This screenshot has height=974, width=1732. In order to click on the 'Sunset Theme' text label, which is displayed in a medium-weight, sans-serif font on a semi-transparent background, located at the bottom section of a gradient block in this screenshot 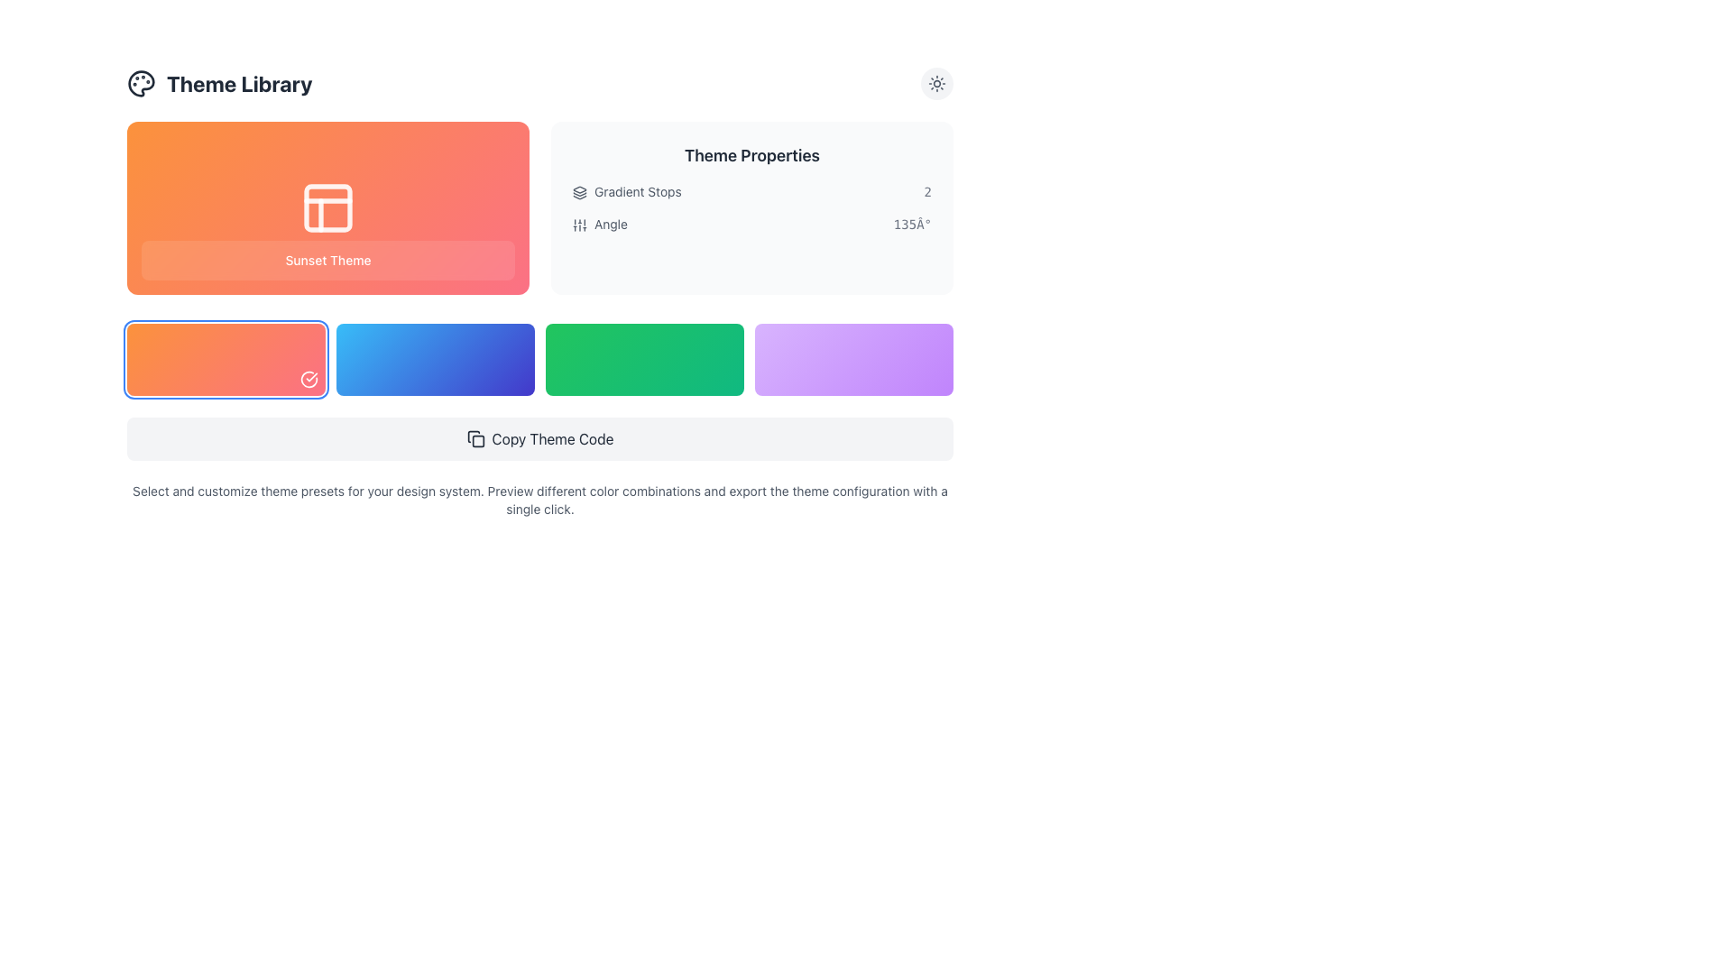, I will do `click(328, 261)`.